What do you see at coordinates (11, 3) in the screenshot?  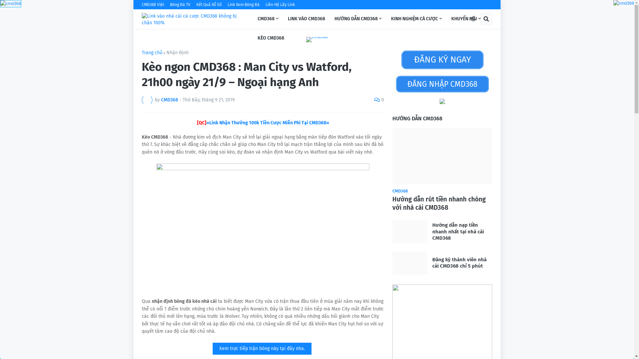 I see `'cmd368'` at bounding box center [11, 3].